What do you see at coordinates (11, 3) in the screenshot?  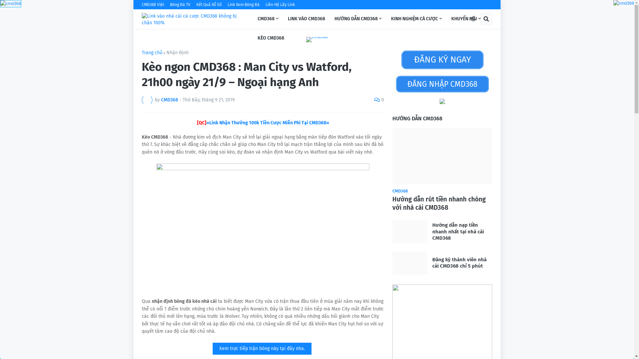 I see `'cmd368'` at bounding box center [11, 3].